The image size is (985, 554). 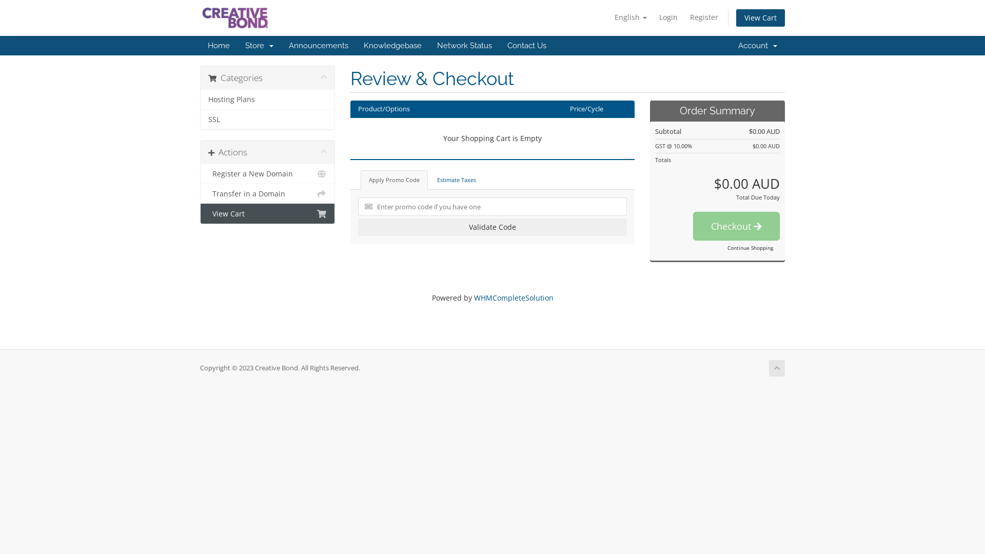 What do you see at coordinates (393, 180) in the screenshot?
I see `'Apply Promo Code'` at bounding box center [393, 180].